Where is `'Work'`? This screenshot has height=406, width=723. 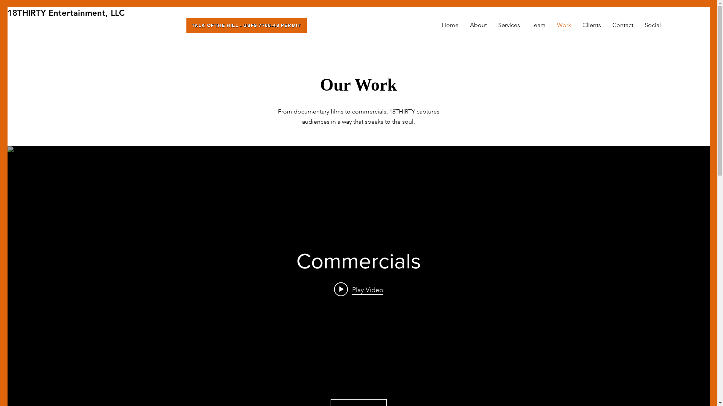
'Work' is located at coordinates (564, 24).